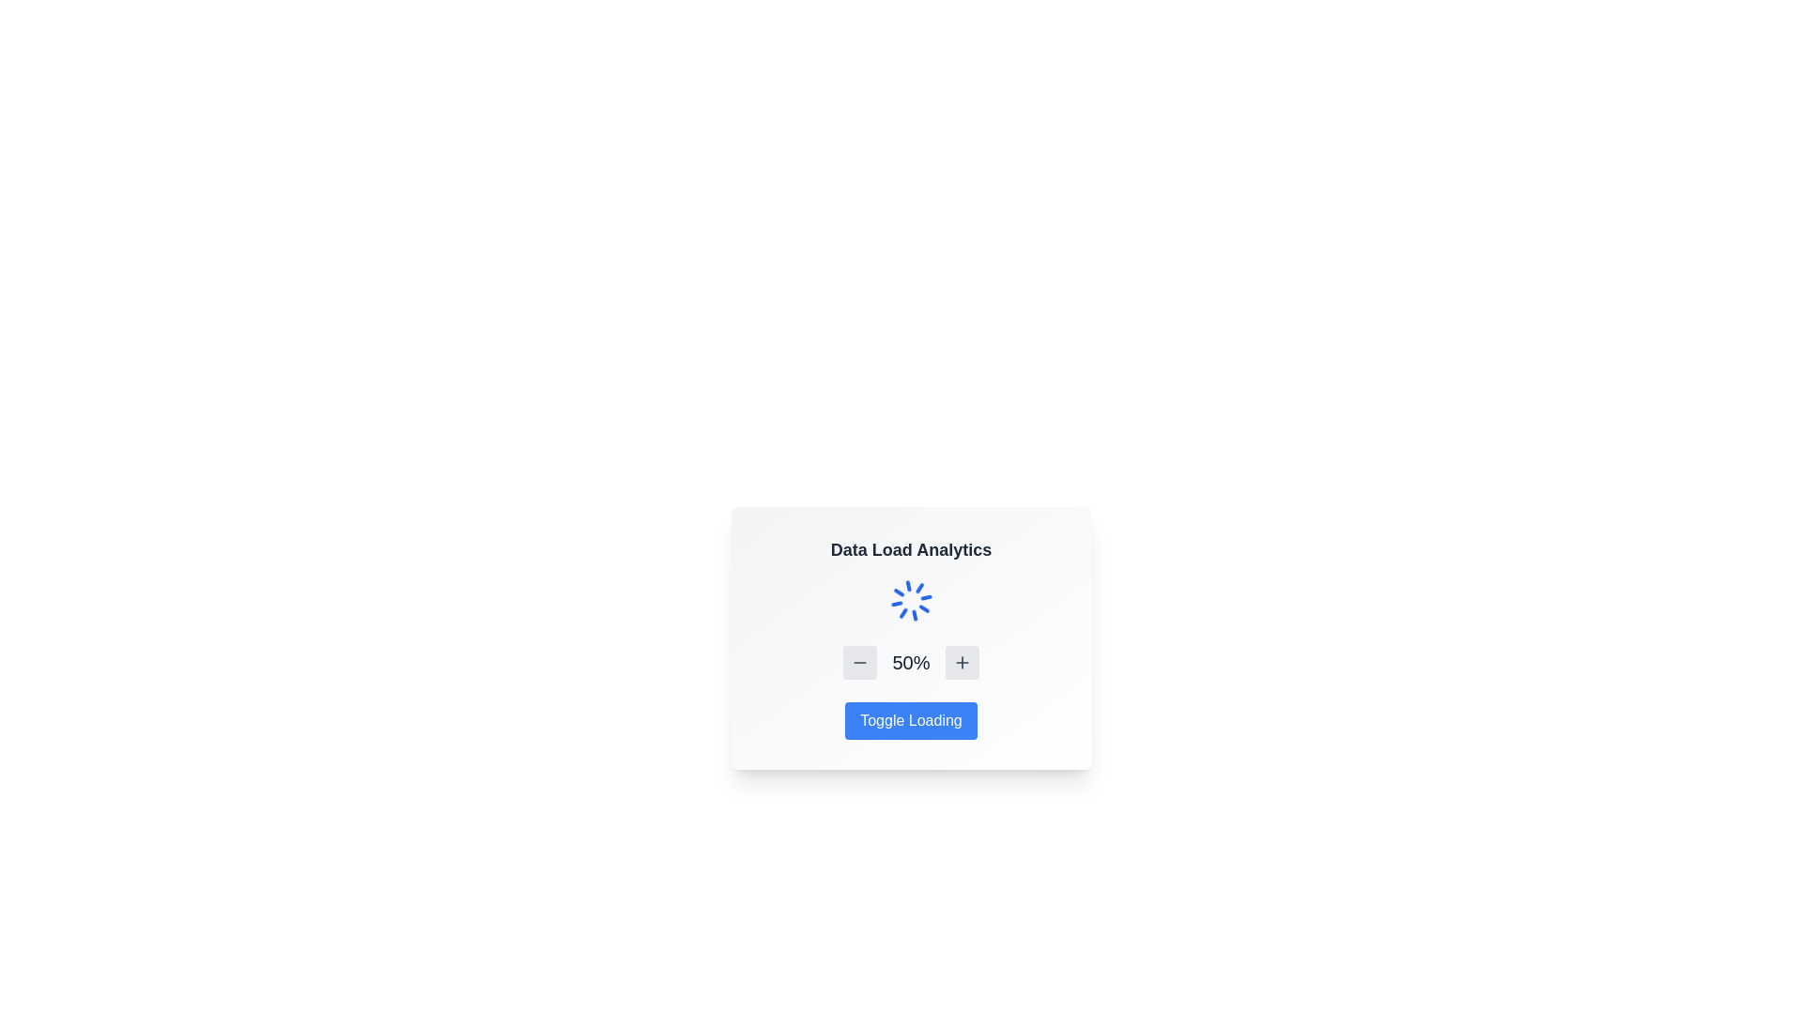  I want to click on the text label that serves as the header for the card, which is located at the top of the card above the spinner and other controls, so click(911, 549).